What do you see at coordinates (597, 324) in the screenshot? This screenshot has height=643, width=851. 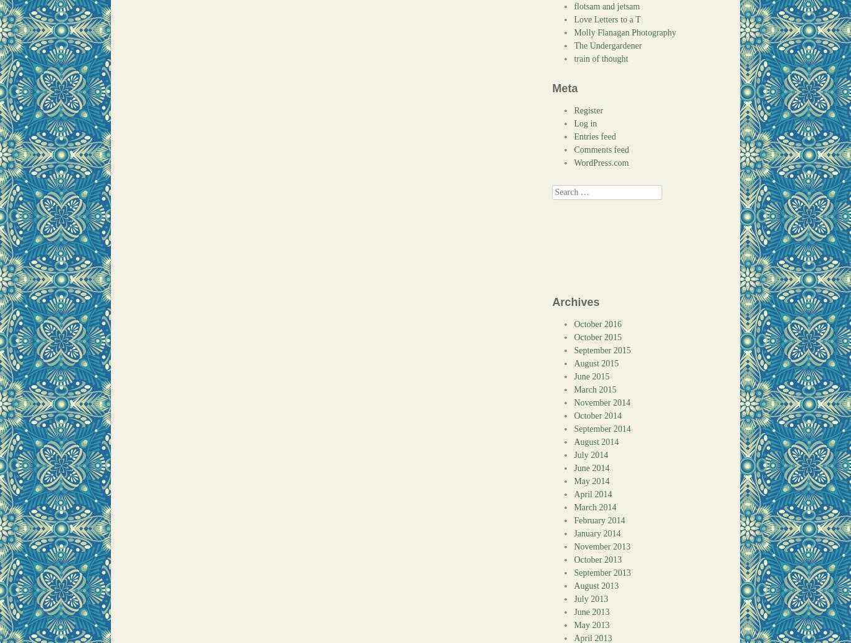 I see `'October 2016'` at bounding box center [597, 324].